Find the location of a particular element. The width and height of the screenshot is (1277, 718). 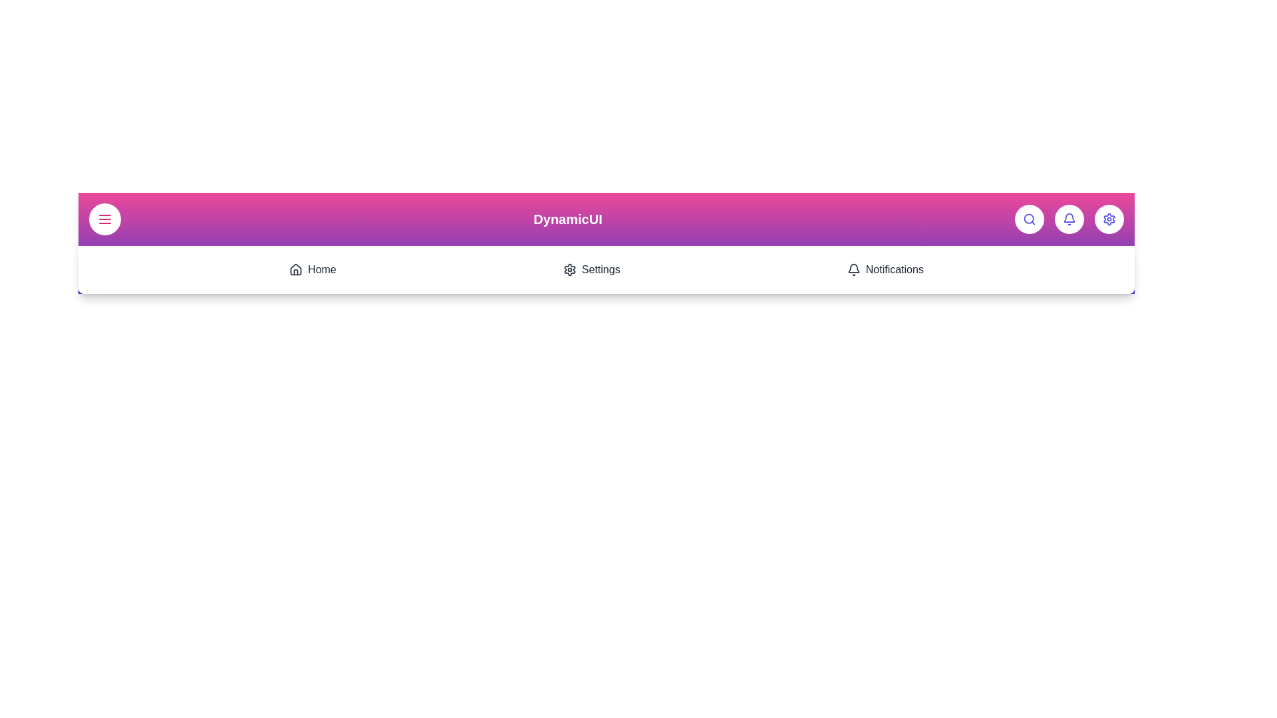

the 'Notifications' button is located at coordinates (1069, 219).